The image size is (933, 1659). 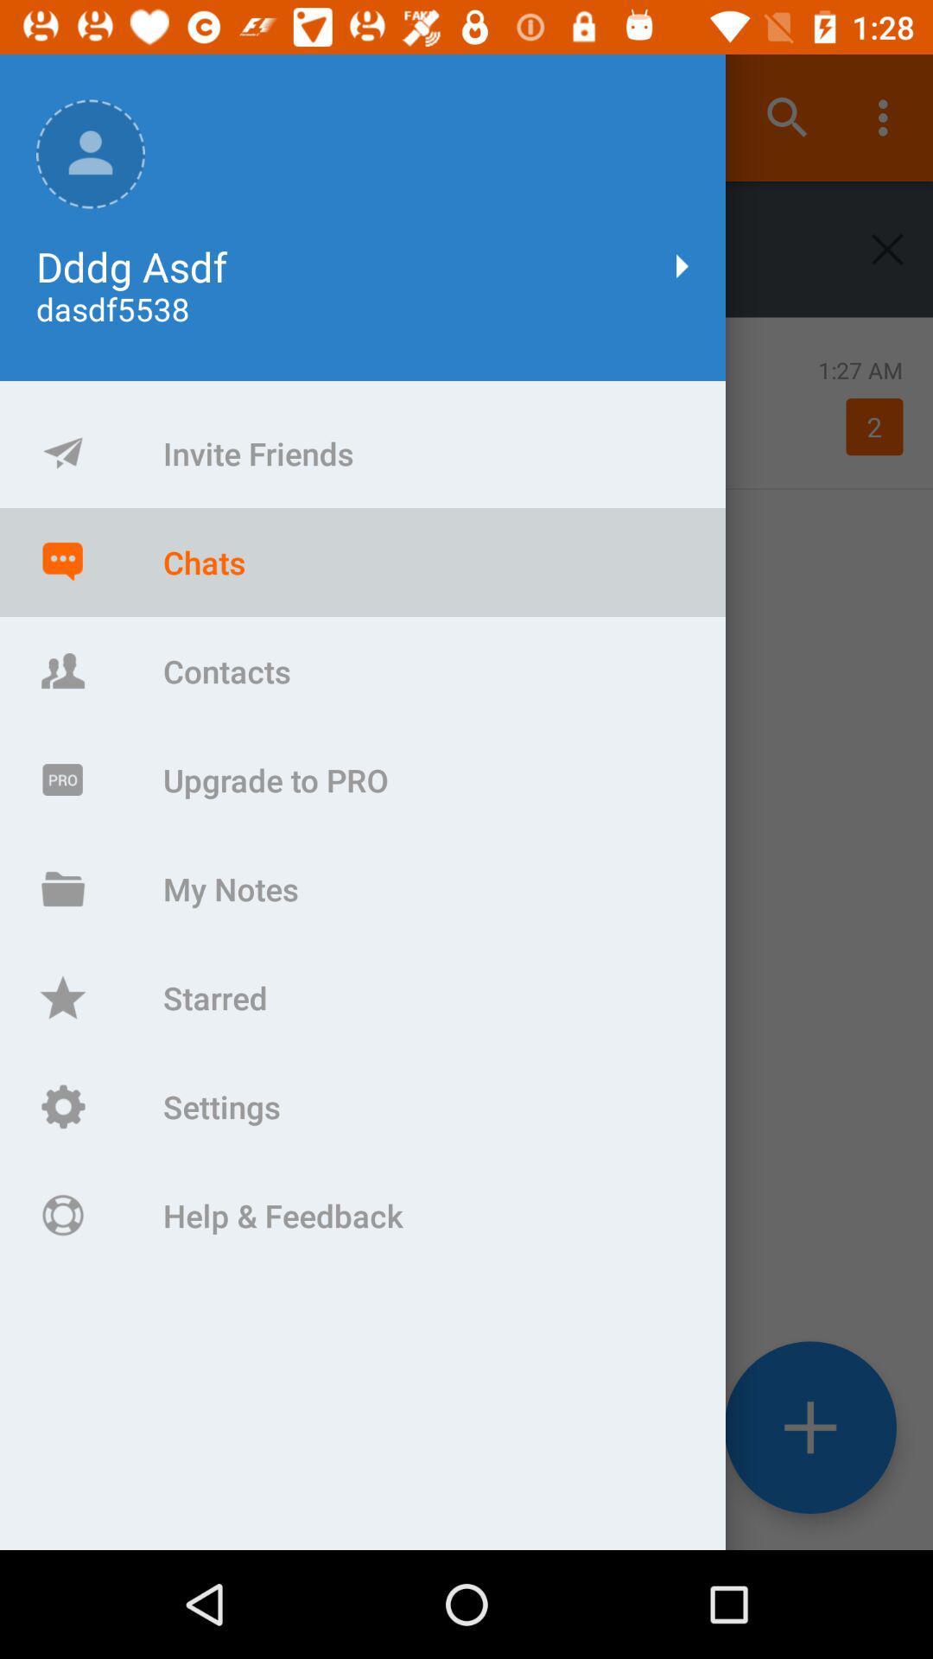 What do you see at coordinates (887, 248) in the screenshot?
I see `button` at bounding box center [887, 248].